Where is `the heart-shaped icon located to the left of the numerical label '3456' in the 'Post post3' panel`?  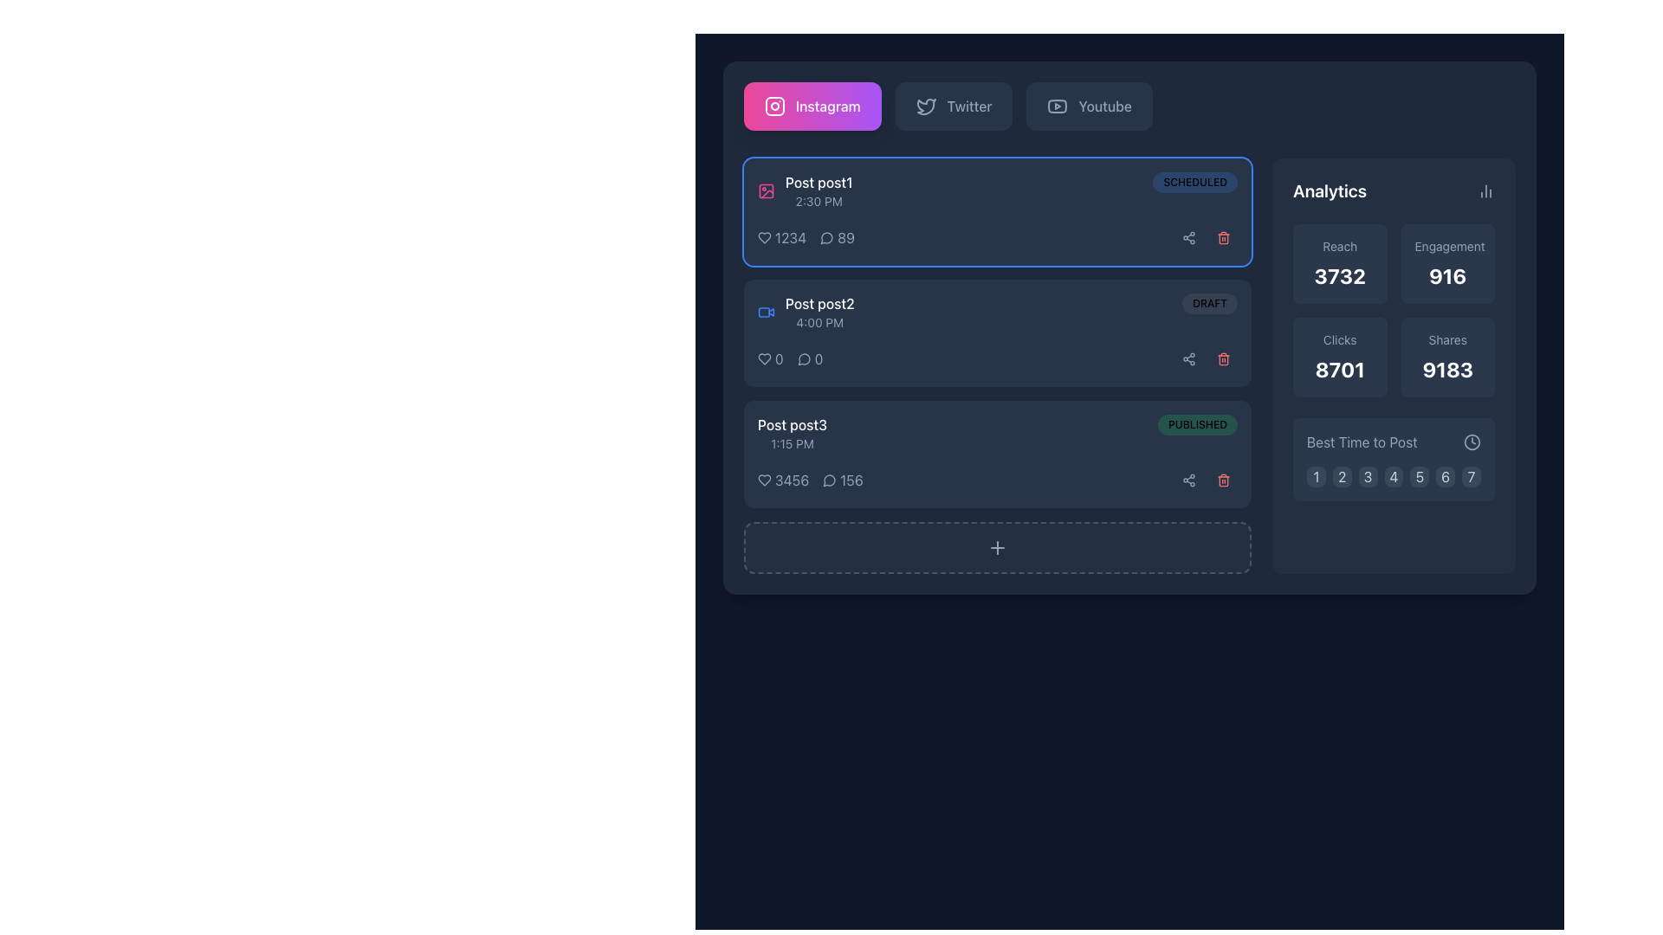
the heart-shaped icon located to the left of the numerical label '3456' in the 'Post post3' panel is located at coordinates (764, 480).